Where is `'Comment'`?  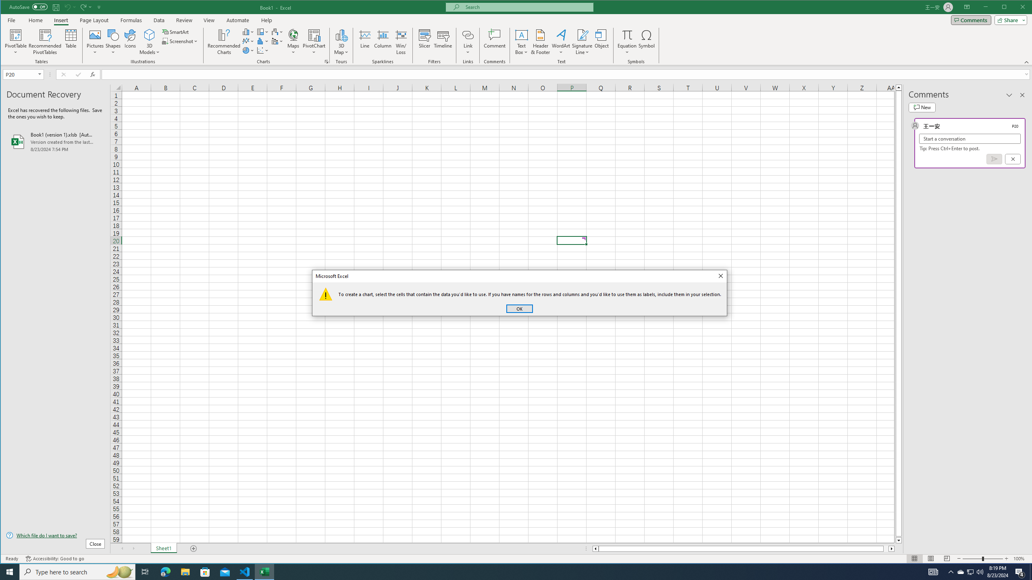
'Comment' is located at coordinates (495, 41).